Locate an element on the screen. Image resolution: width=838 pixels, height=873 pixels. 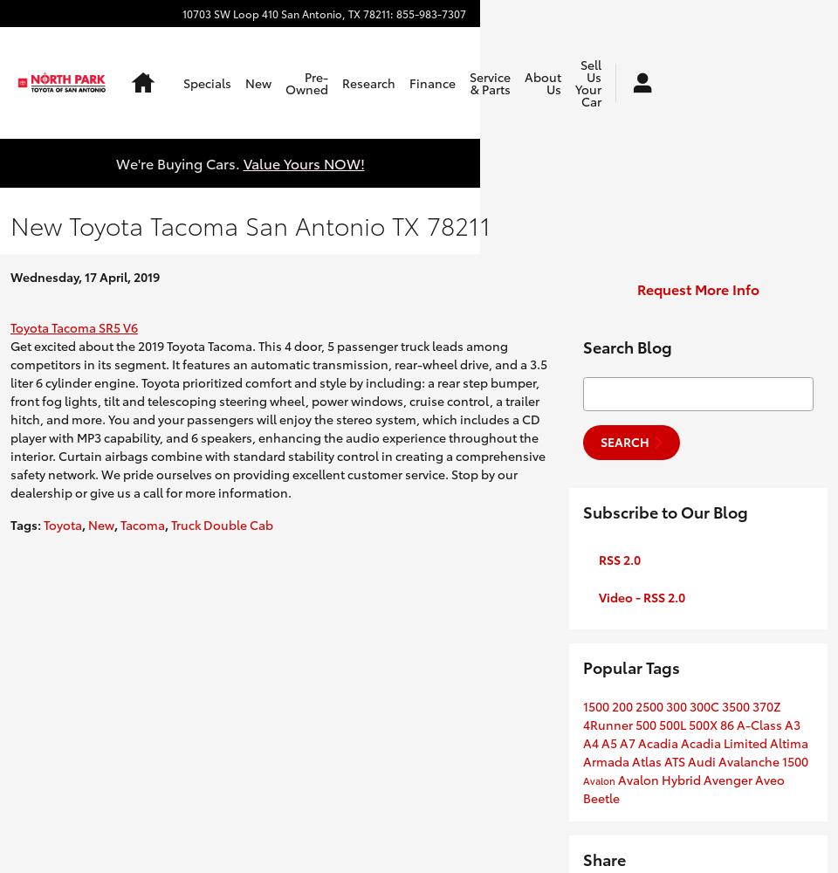
'Specials' is located at coordinates (183, 82).